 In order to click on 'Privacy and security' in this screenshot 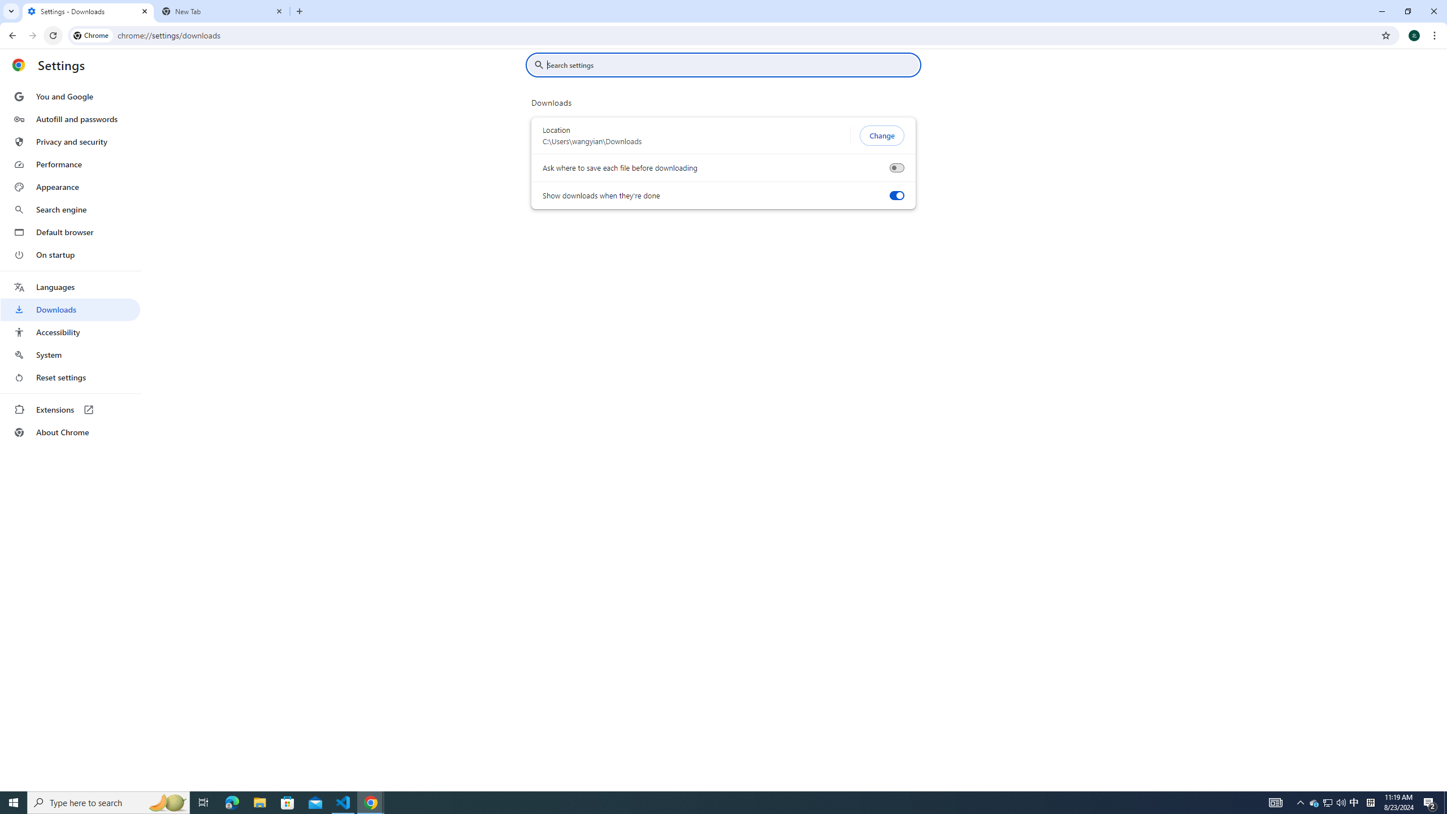, I will do `click(70, 141)`.